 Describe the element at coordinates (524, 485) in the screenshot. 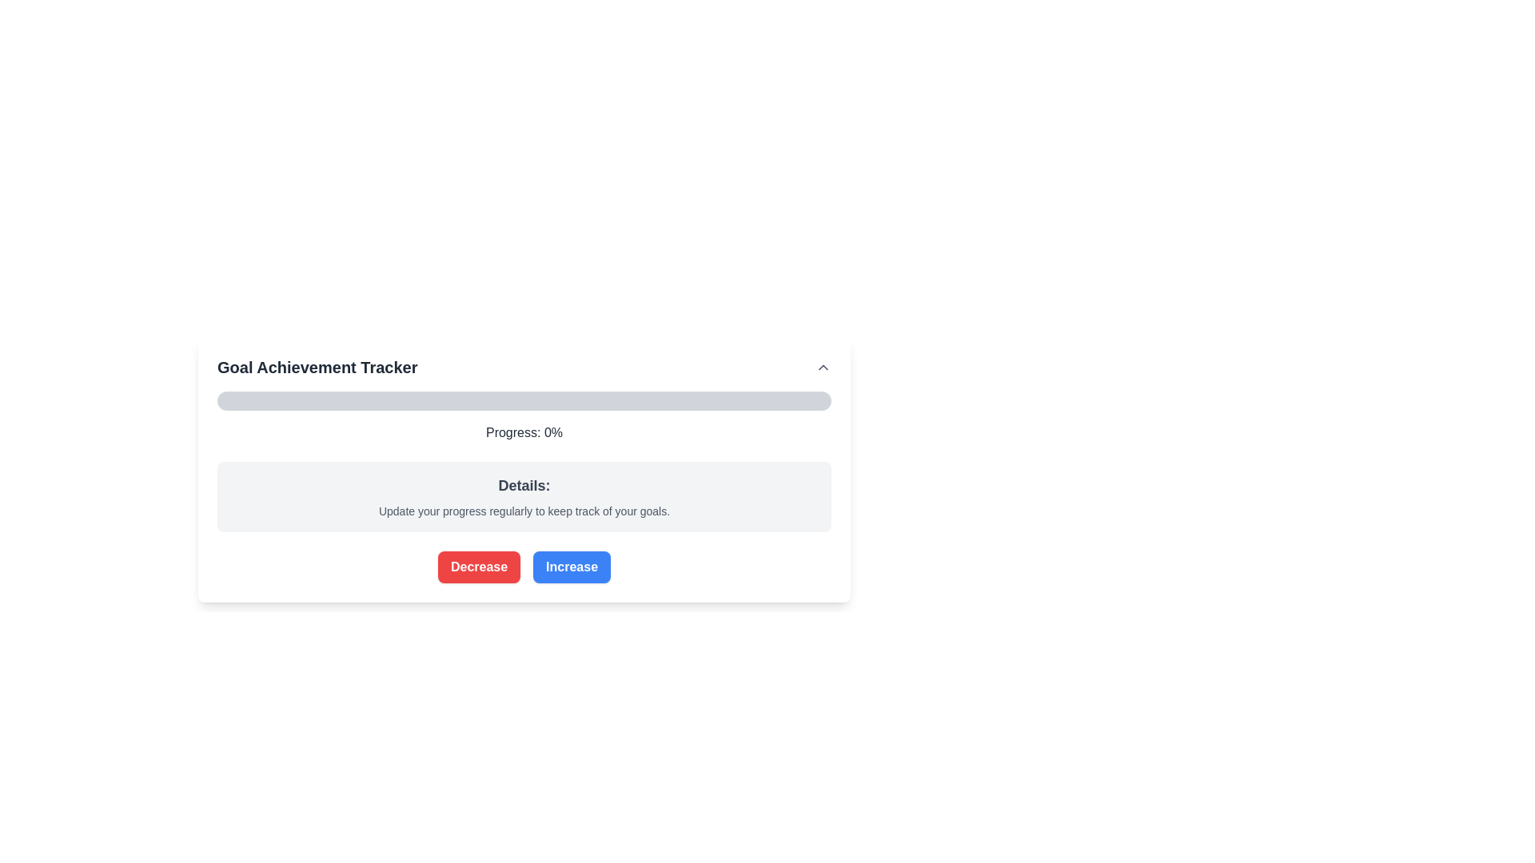

I see `the text label that serves as a title or label for the information block, located above the text 'Update your progress regularly to keep track of your goals.' and centered under the 'Progress: 0%' section` at that location.